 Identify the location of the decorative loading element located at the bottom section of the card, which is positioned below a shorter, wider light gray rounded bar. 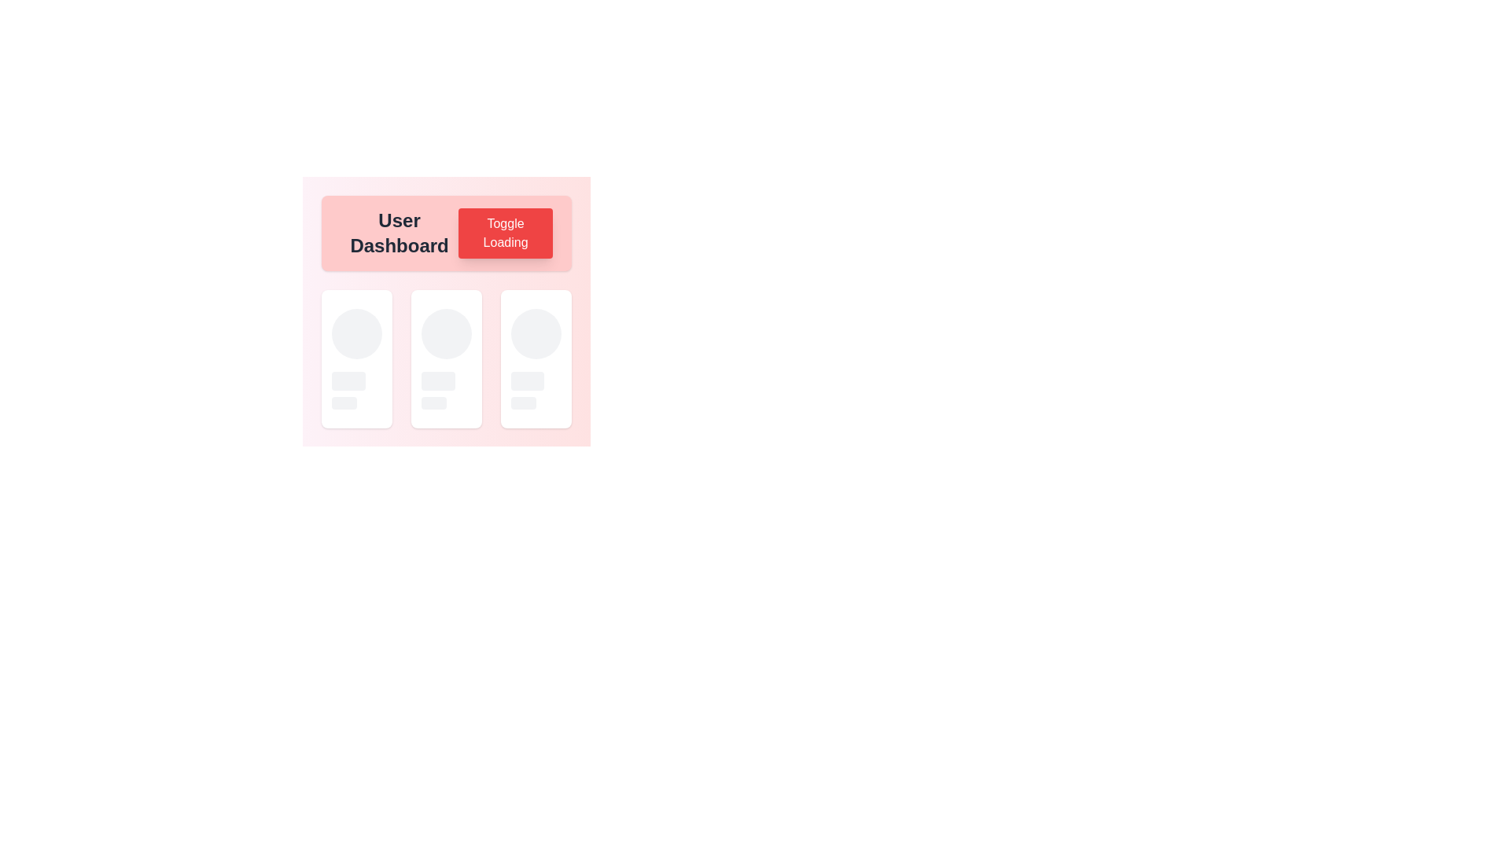
(343, 402).